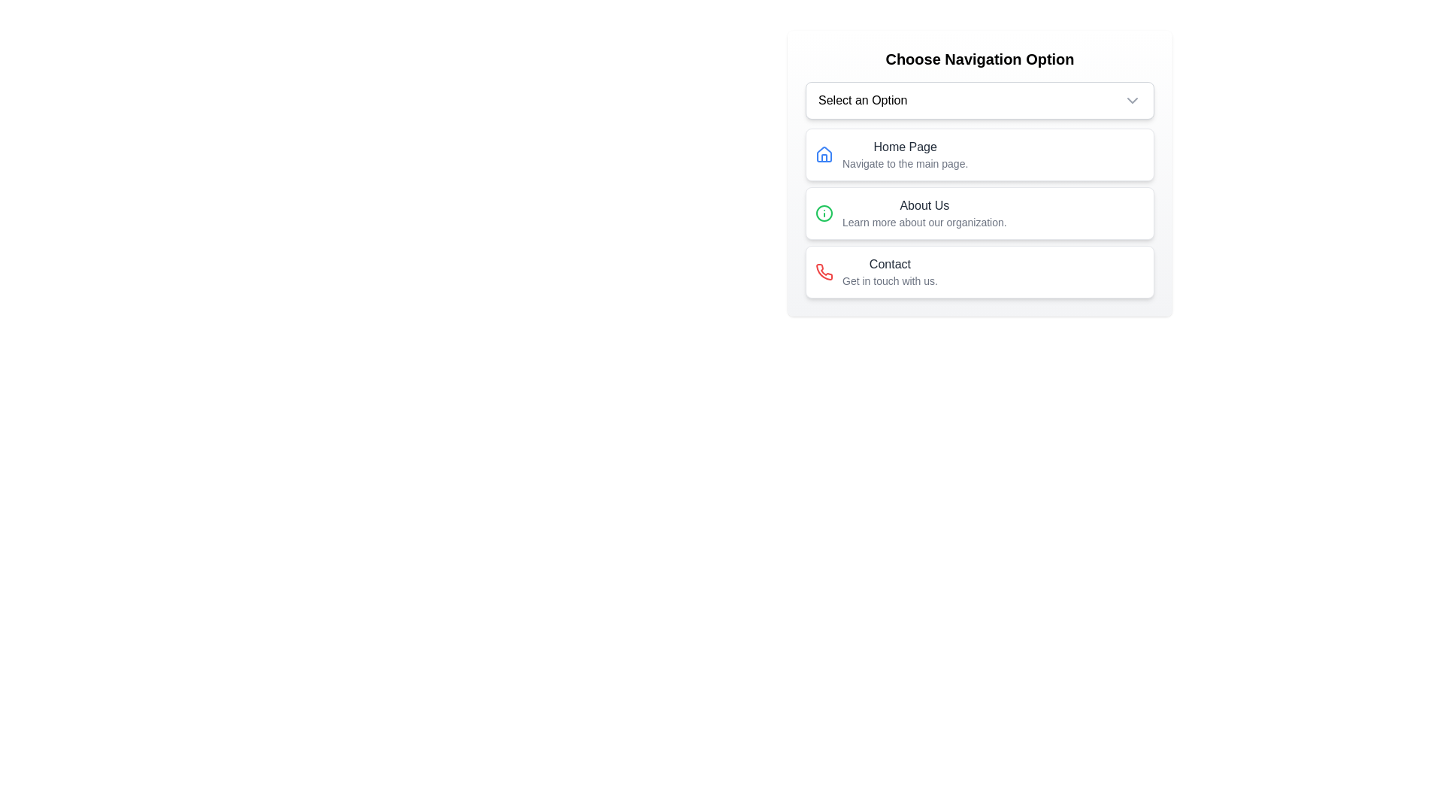 This screenshot has height=812, width=1443. What do you see at coordinates (904, 147) in the screenshot?
I see `the Label indicating the main navigation target under the 'Choose Navigation Option' section, positioned above the text 'Navigate to the main page'` at bounding box center [904, 147].